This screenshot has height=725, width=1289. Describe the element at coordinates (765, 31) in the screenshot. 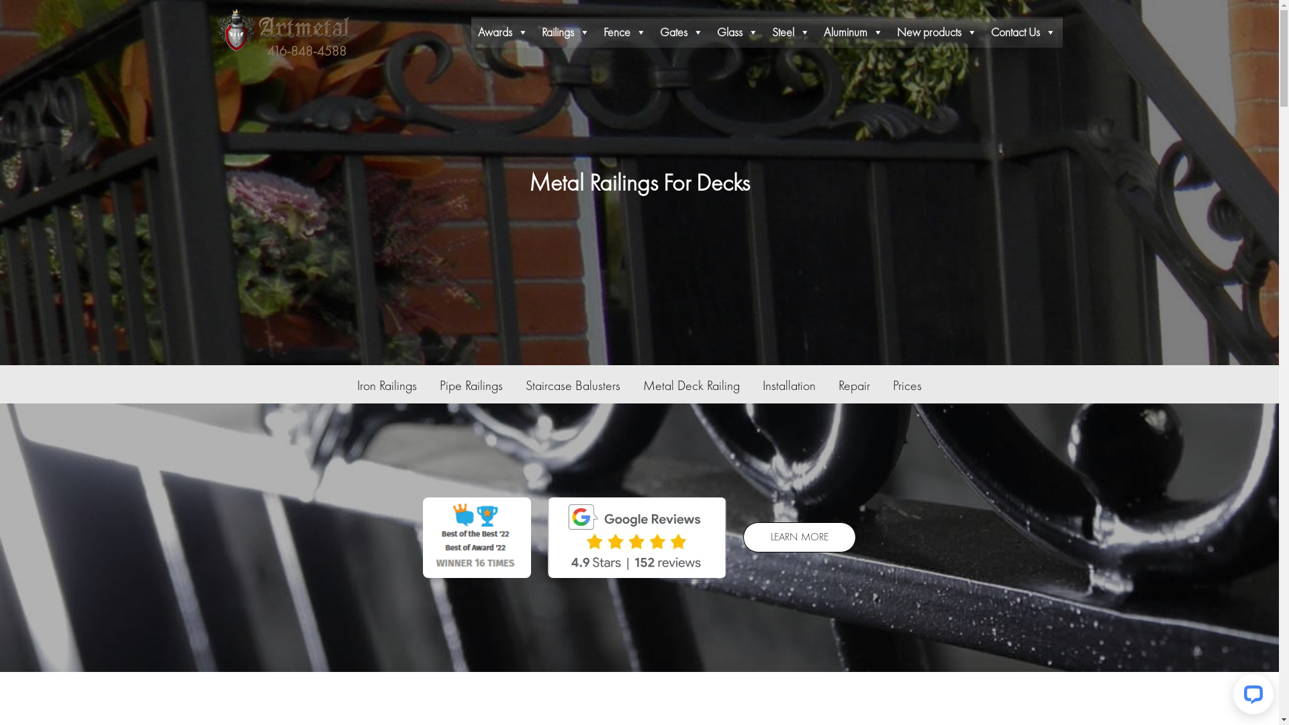

I see `'Steel'` at that location.